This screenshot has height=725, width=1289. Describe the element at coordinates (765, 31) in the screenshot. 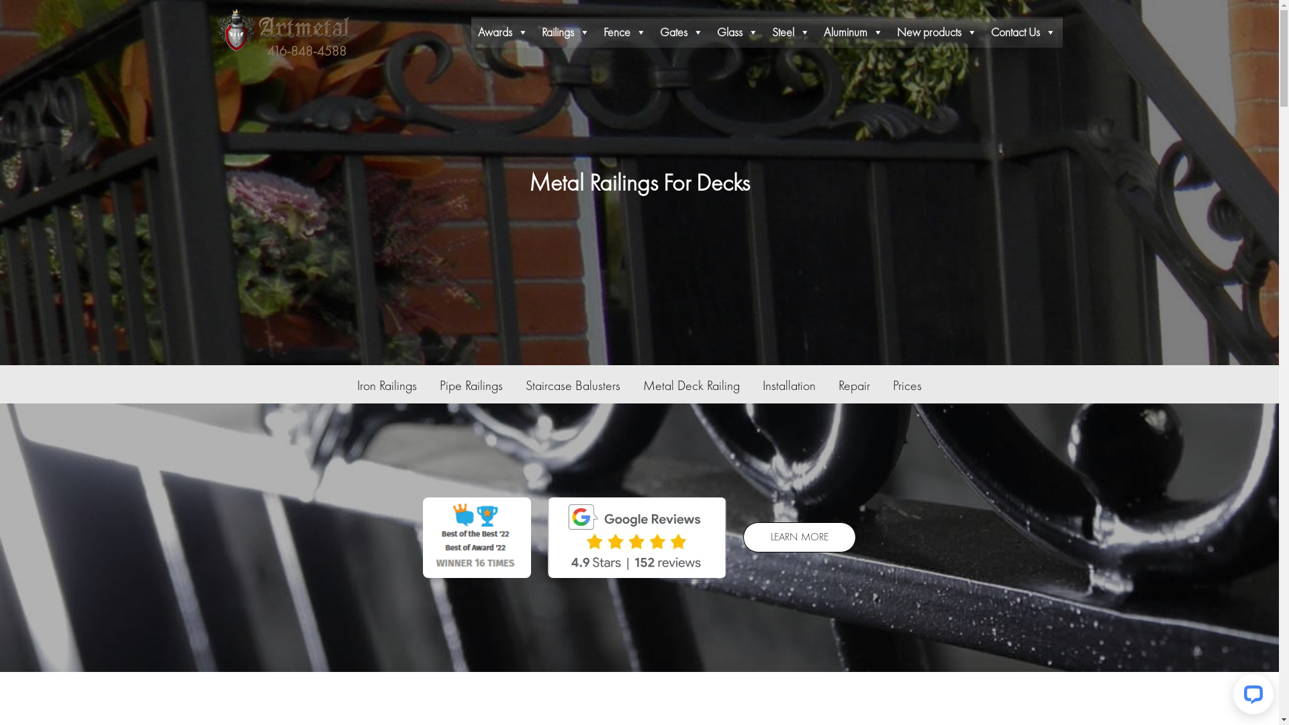

I see `'Steel'` at that location.